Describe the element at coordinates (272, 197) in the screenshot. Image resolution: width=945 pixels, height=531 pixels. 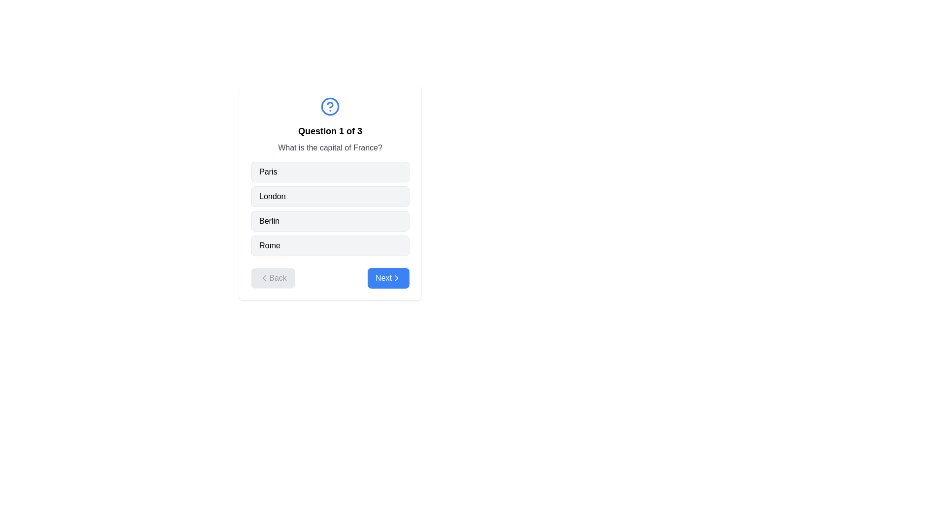
I see `the text 'London' which is the second selectable option in a vertical list under the question 'What is the capital of France?'` at that location.